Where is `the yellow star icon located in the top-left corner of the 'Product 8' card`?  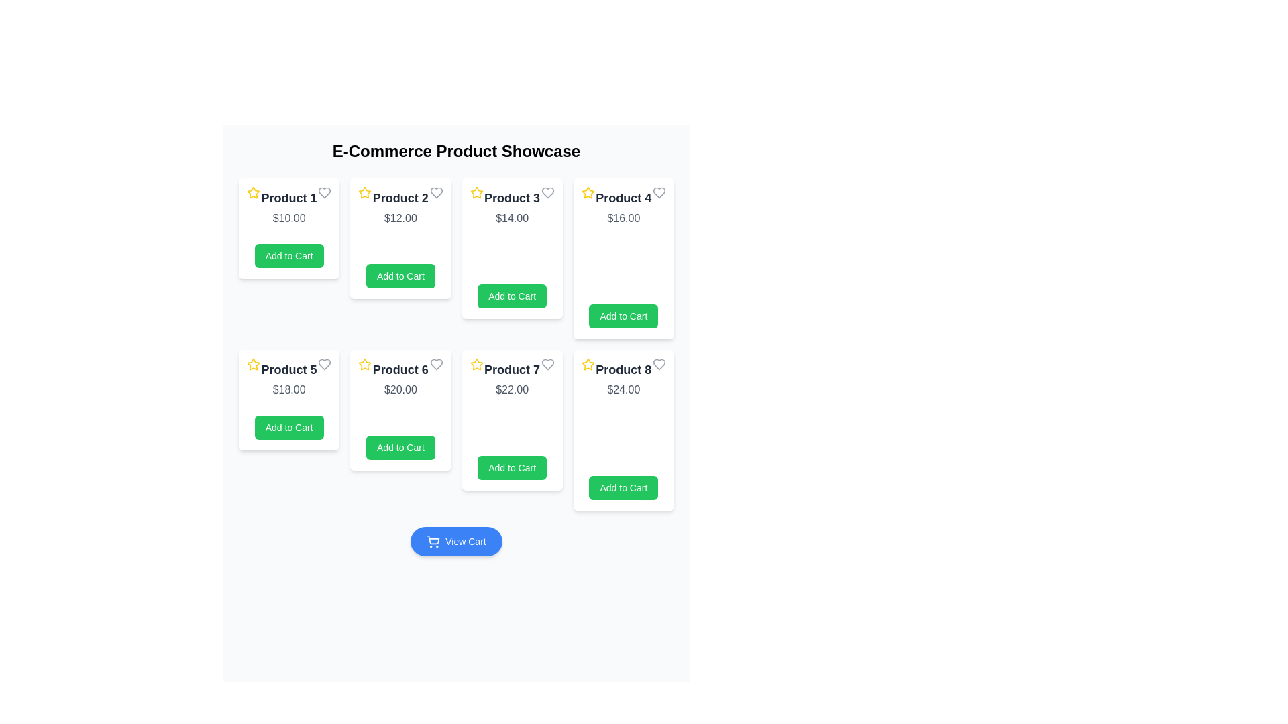 the yellow star icon located in the top-left corner of the 'Product 8' card is located at coordinates (588, 364).